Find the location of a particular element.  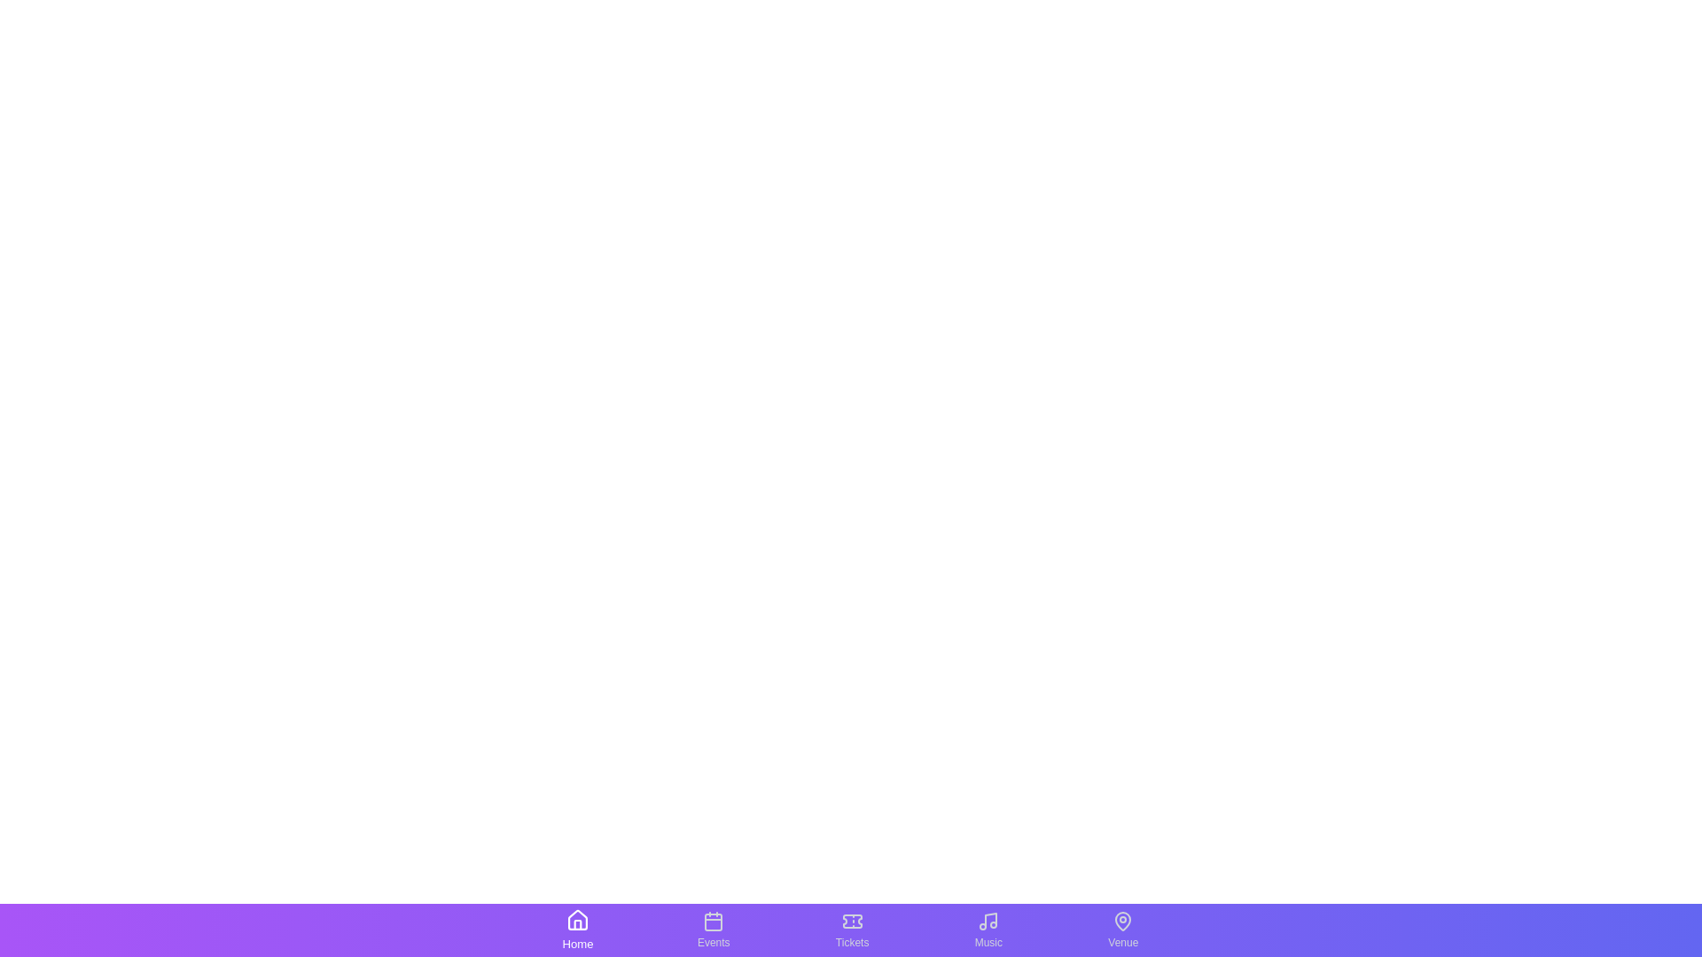

the tab labeled Music to observe the visual changes is located at coordinates (987, 929).